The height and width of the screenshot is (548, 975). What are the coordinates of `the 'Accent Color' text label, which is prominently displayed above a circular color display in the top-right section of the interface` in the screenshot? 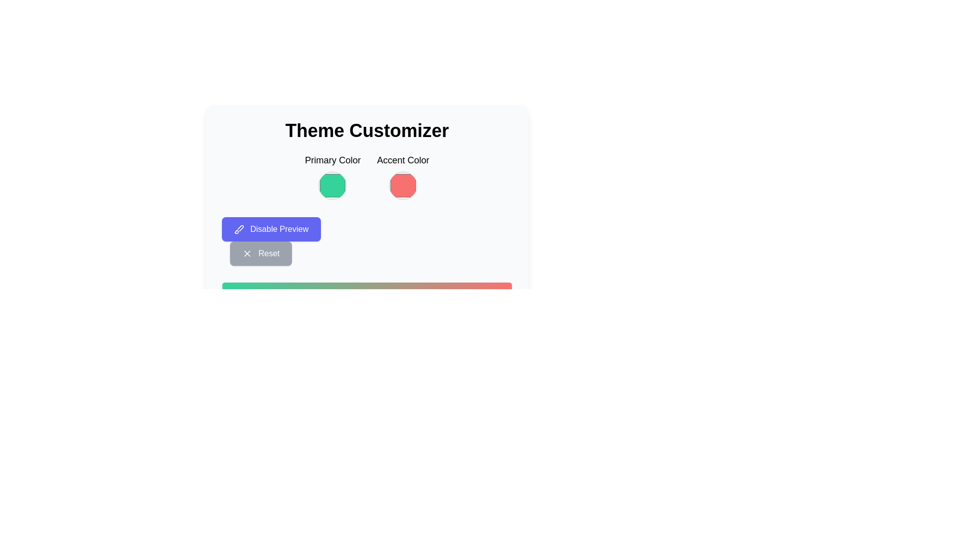 It's located at (402, 160).